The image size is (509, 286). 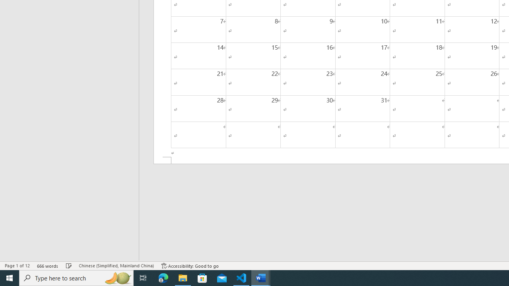 I want to click on 'Microsoft Edge', so click(x=163, y=277).